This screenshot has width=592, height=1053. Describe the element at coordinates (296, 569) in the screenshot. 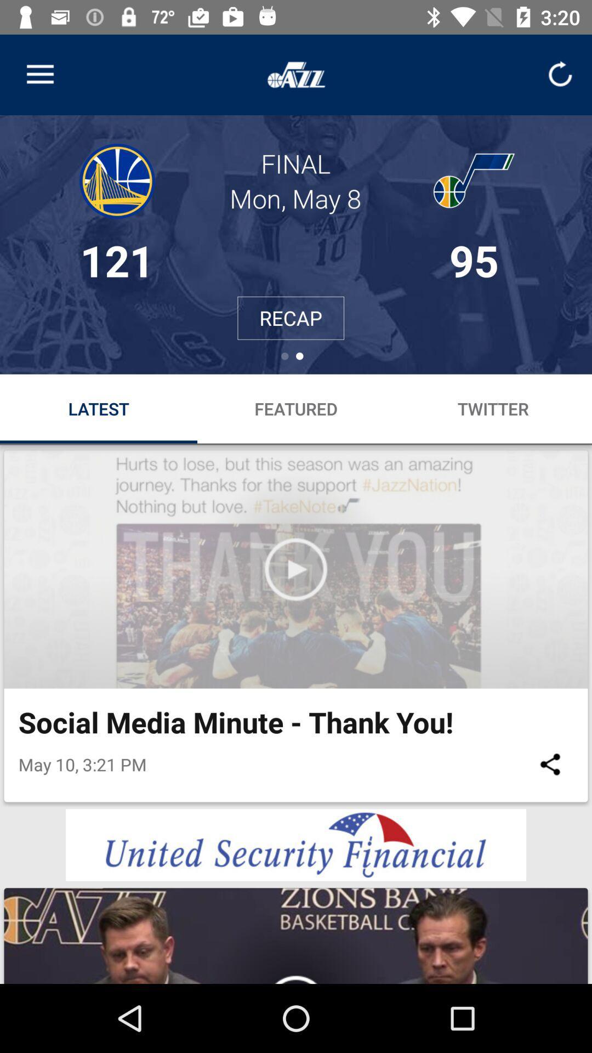

I see `the video above the text social media minute` at that location.